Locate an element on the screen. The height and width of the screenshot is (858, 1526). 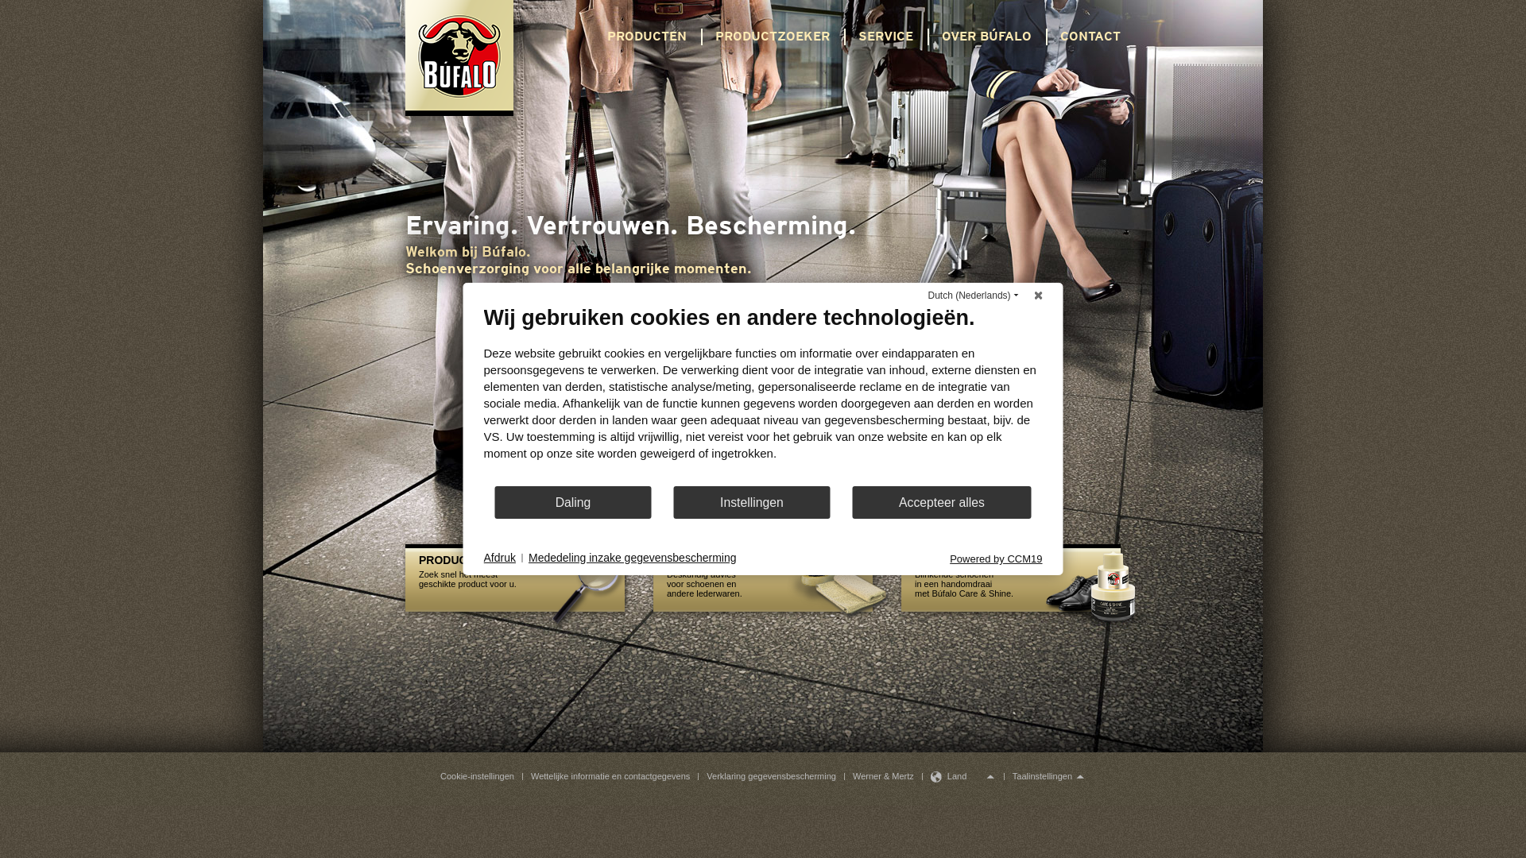
'Afdruk' is located at coordinates (498, 557).